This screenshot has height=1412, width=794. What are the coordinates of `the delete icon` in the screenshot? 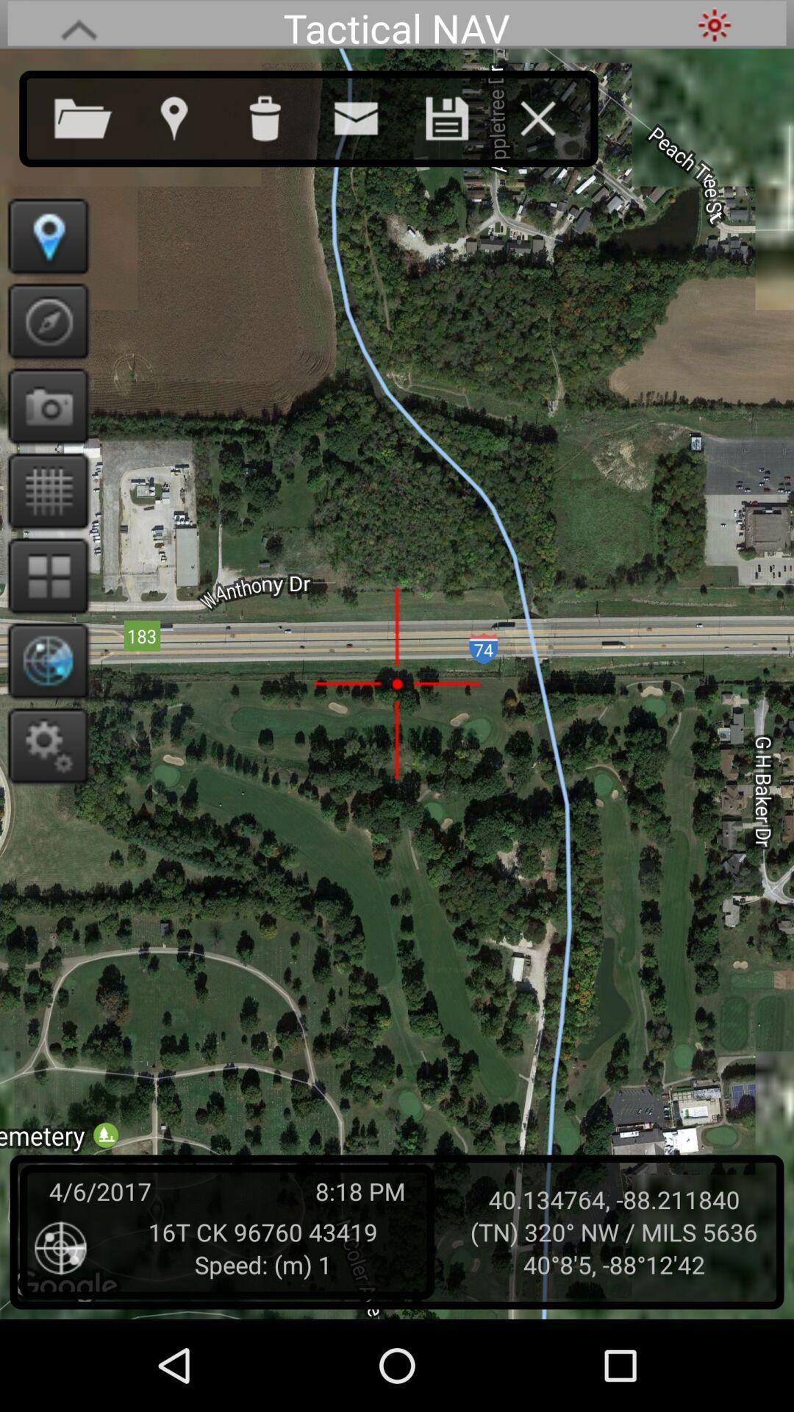 It's located at (279, 124).